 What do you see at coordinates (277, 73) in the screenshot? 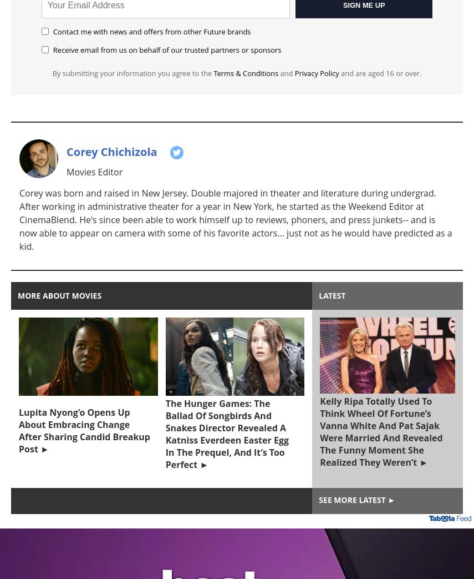
I see `'and'` at bounding box center [277, 73].